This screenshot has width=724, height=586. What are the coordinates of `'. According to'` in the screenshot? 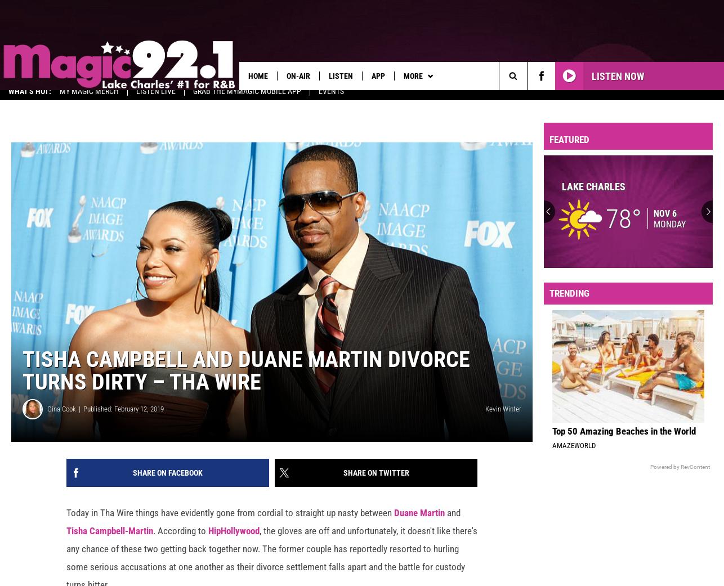 It's located at (153, 538).